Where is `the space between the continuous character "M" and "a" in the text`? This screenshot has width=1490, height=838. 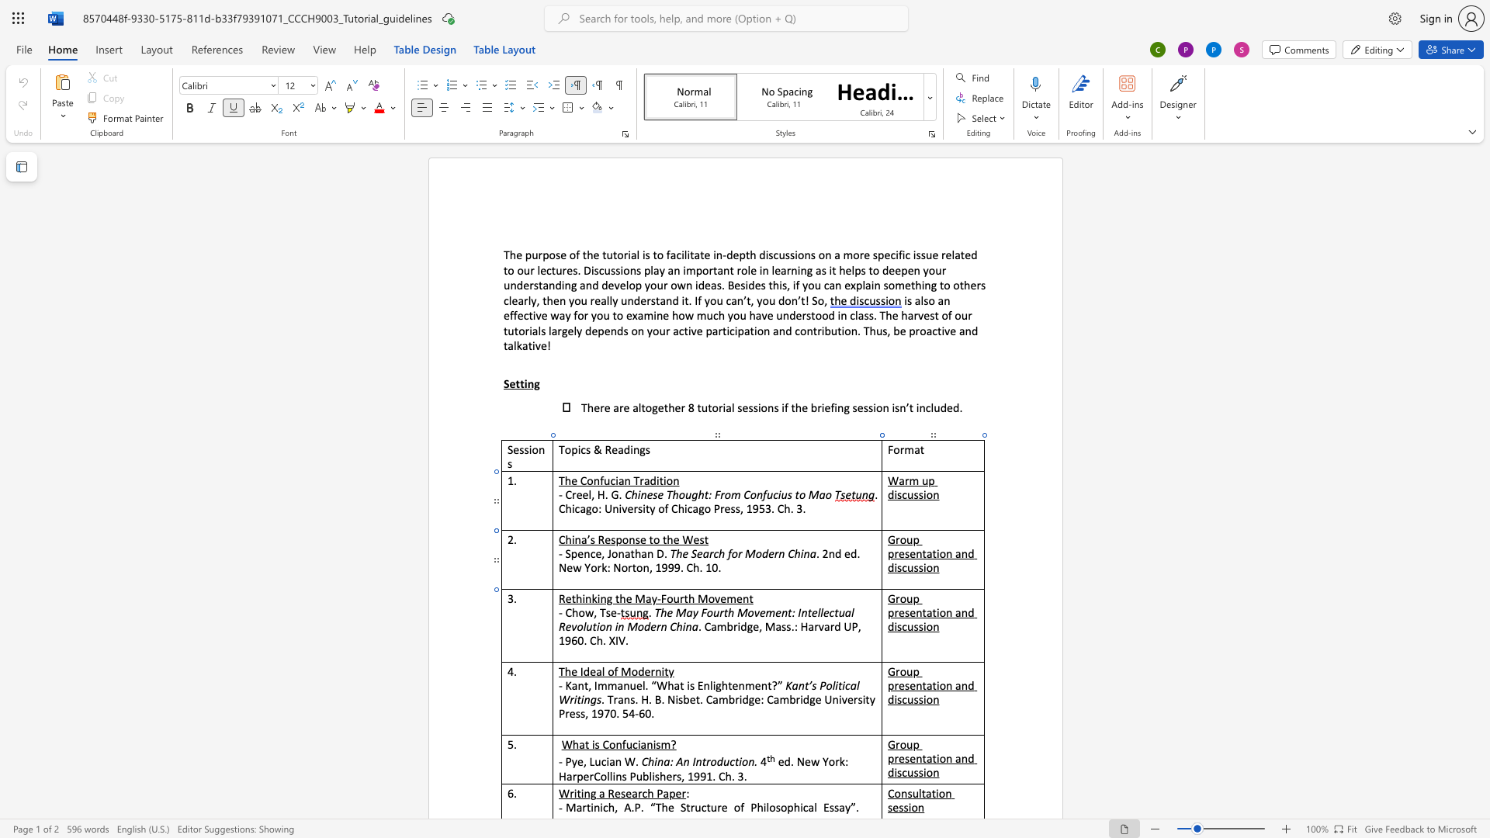
the space between the continuous character "M" and "a" in the text is located at coordinates (644, 597).